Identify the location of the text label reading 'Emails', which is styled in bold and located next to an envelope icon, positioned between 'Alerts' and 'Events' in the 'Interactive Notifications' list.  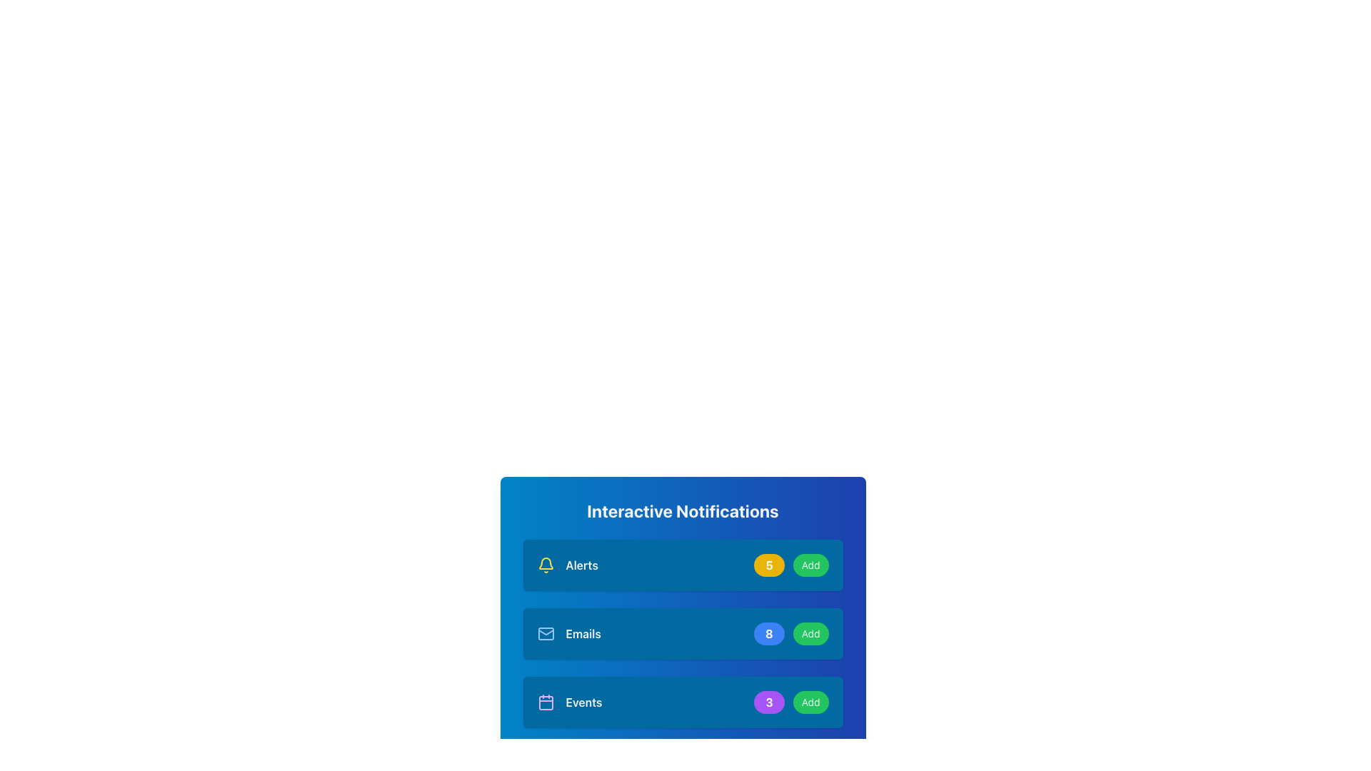
(583, 633).